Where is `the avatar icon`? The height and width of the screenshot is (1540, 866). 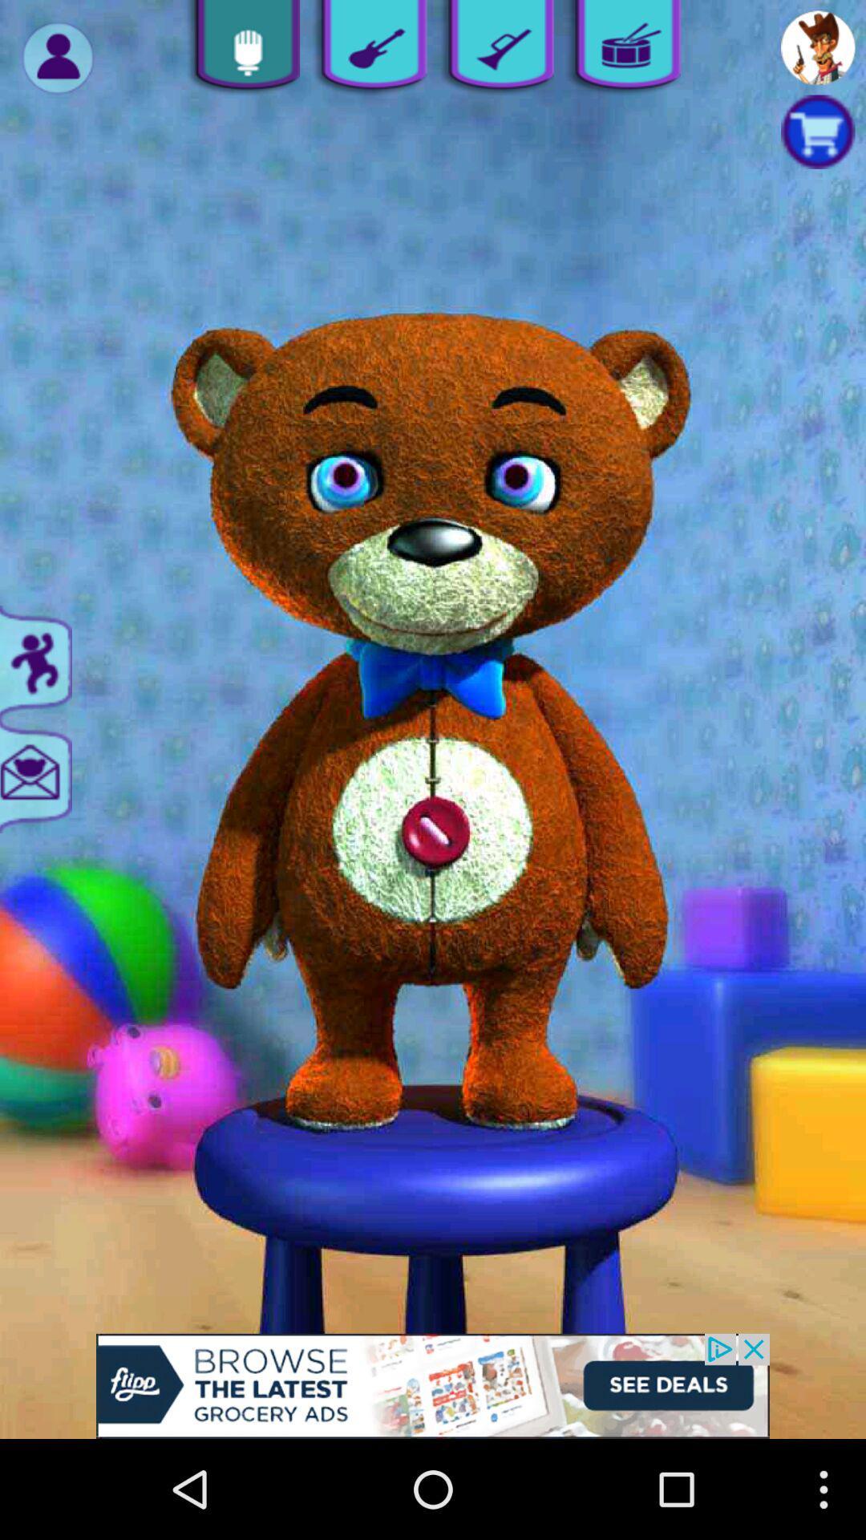 the avatar icon is located at coordinates (57, 62).